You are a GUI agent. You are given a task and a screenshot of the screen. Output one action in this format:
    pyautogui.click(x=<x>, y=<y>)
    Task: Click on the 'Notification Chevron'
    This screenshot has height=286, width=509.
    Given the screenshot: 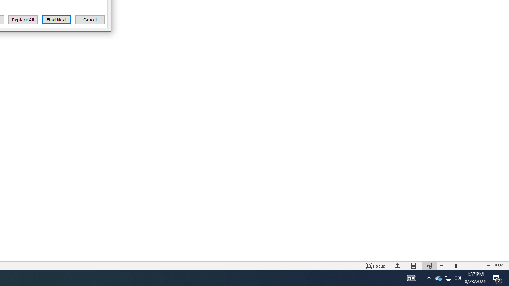 What is the action you would take?
    pyautogui.click(x=429, y=277)
    